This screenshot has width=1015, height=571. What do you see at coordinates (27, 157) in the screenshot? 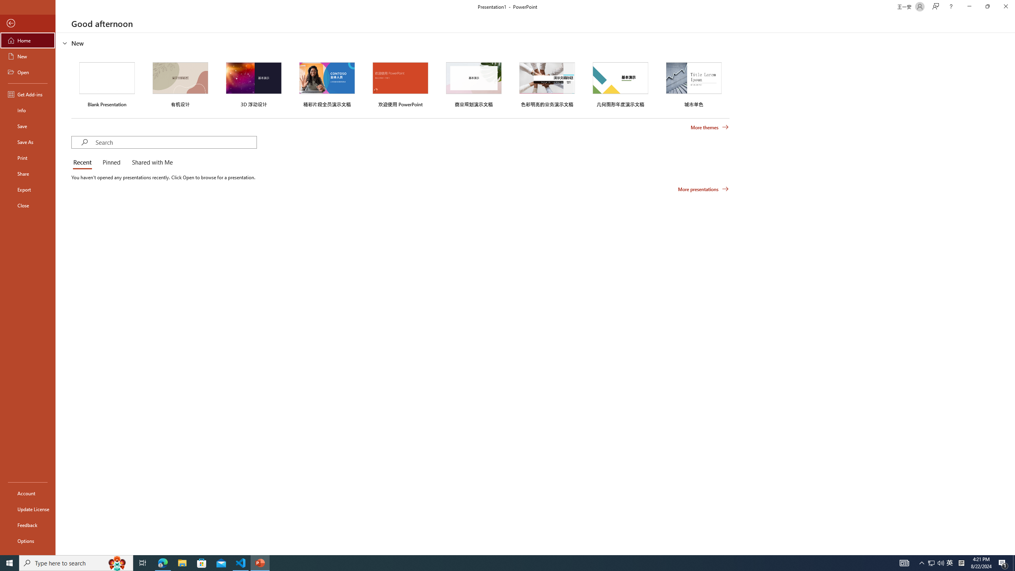
I see `'Print'` at bounding box center [27, 157].